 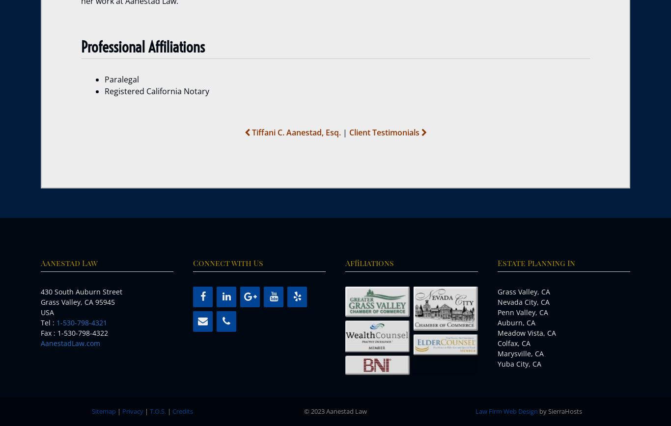 What do you see at coordinates (559, 411) in the screenshot?
I see `'by SierraHosts'` at bounding box center [559, 411].